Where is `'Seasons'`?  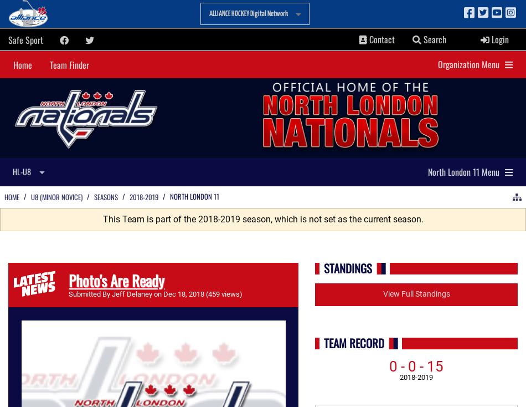
'Seasons' is located at coordinates (106, 196).